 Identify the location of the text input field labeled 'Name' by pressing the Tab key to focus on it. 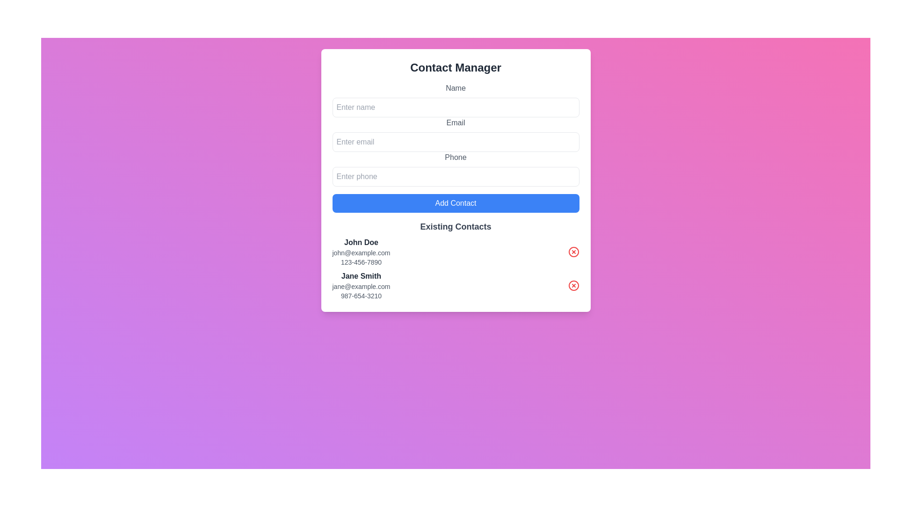
(456, 107).